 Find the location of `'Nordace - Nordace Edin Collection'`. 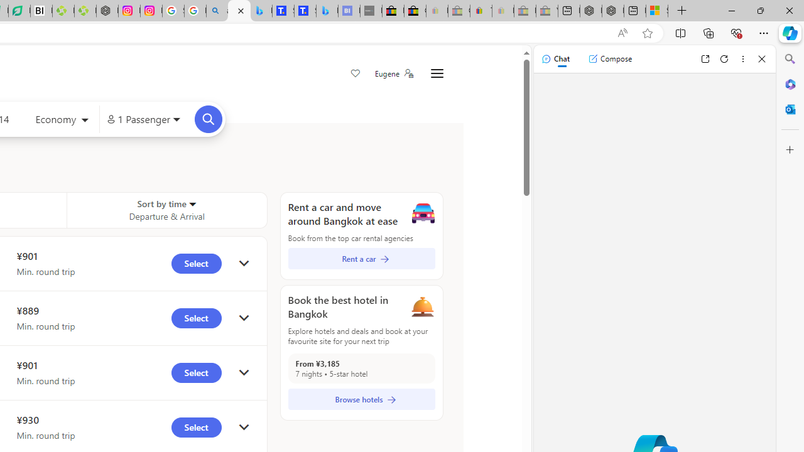

'Nordace - Nordace Edin Collection' is located at coordinates (107, 11).